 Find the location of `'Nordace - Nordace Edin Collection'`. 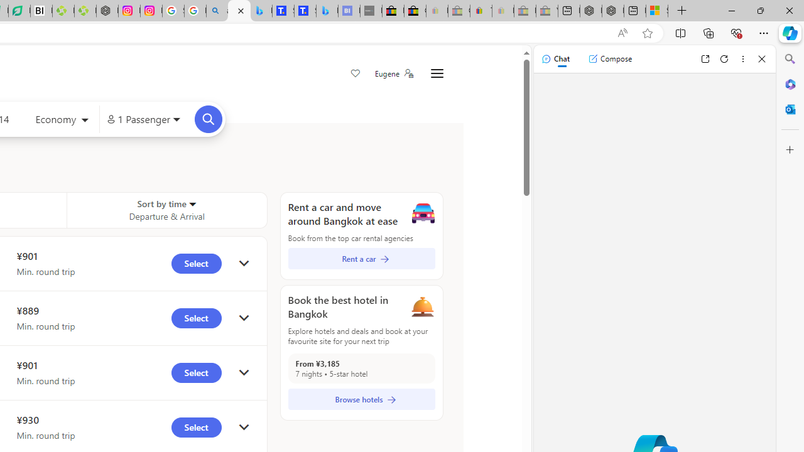

'Nordace - Nordace Edin Collection' is located at coordinates (107, 11).